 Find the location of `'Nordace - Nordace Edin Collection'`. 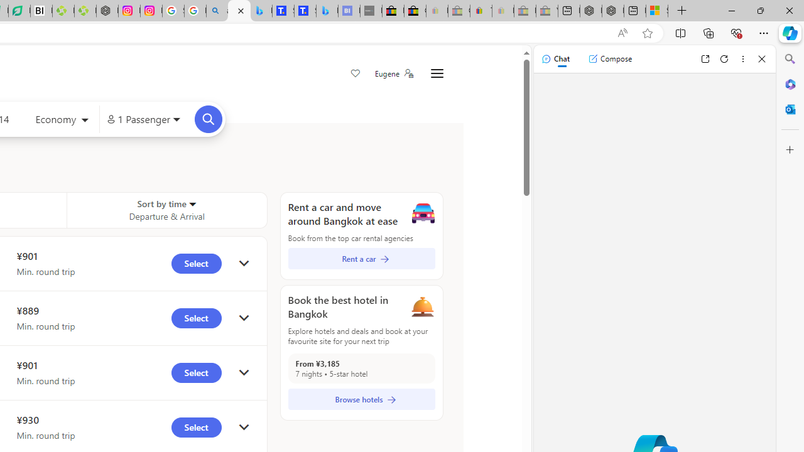

'Nordace - Nordace Edin Collection' is located at coordinates (107, 11).